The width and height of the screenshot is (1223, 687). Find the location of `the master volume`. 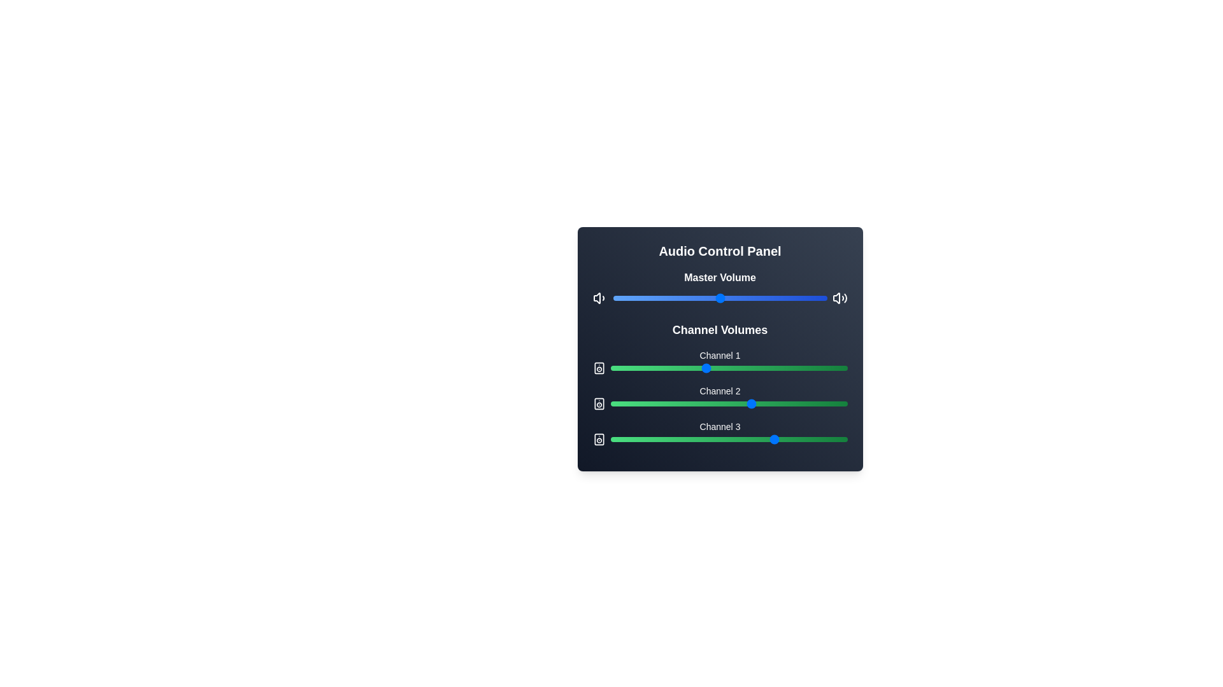

the master volume is located at coordinates (788, 298).